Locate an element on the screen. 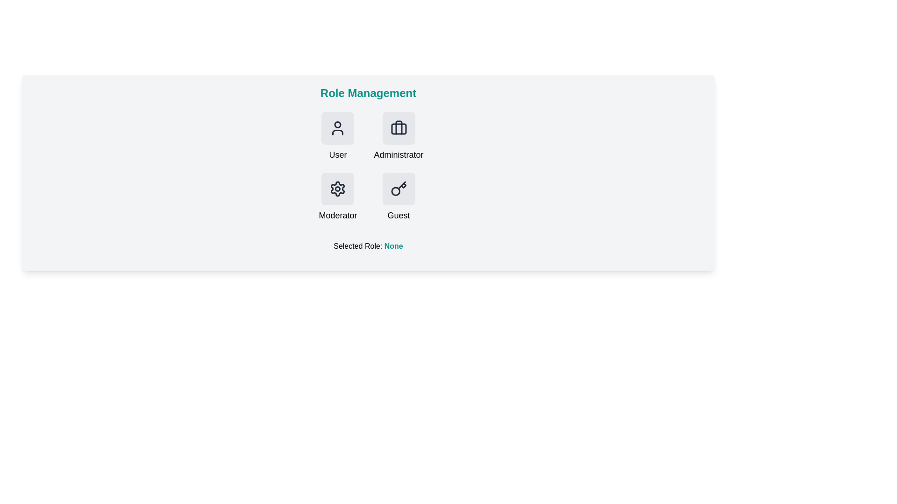  the interactive tile in the Role Management grid is located at coordinates (368, 167).